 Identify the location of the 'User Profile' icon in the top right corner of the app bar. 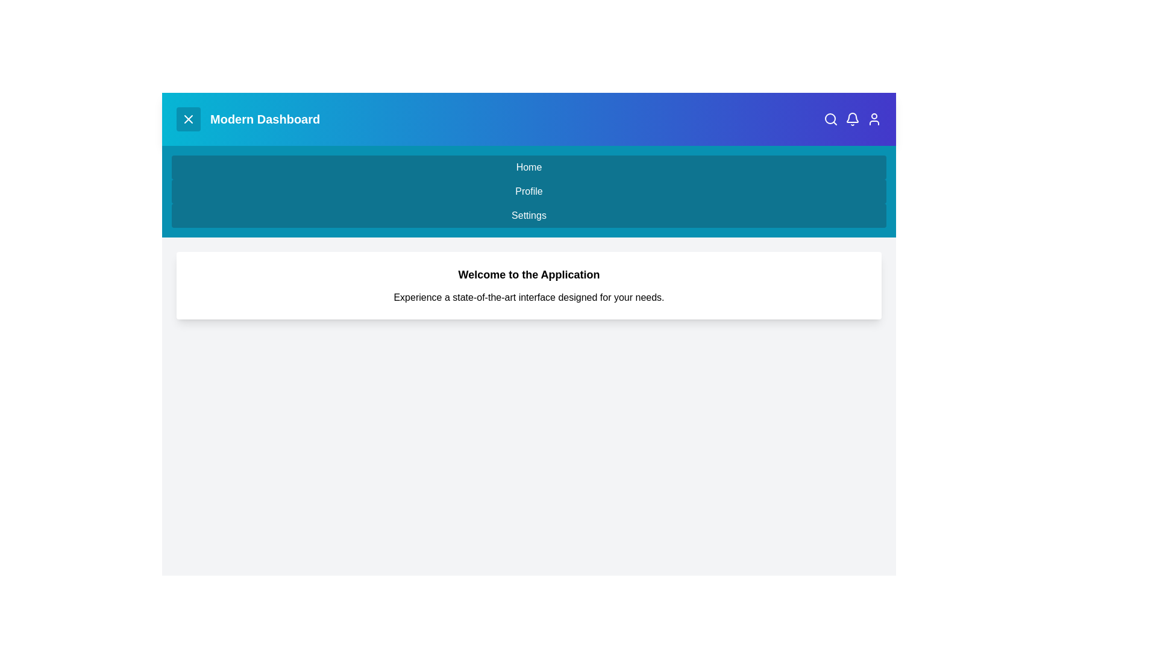
(874, 119).